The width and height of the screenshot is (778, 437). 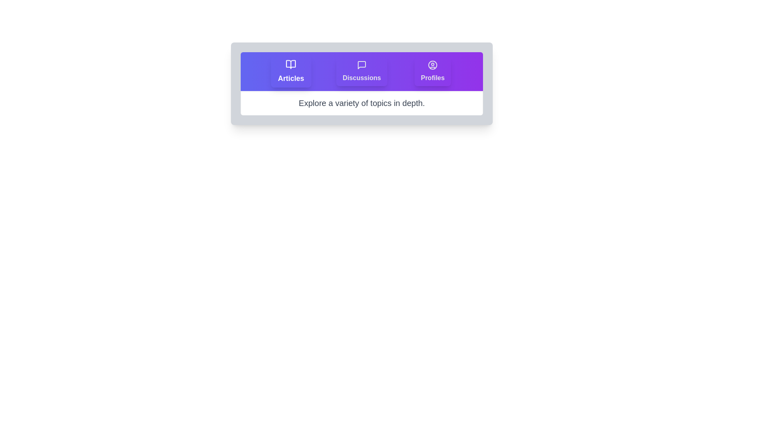 What do you see at coordinates (432, 71) in the screenshot?
I see `the tab labeled Profiles` at bounding box center [432, 71].